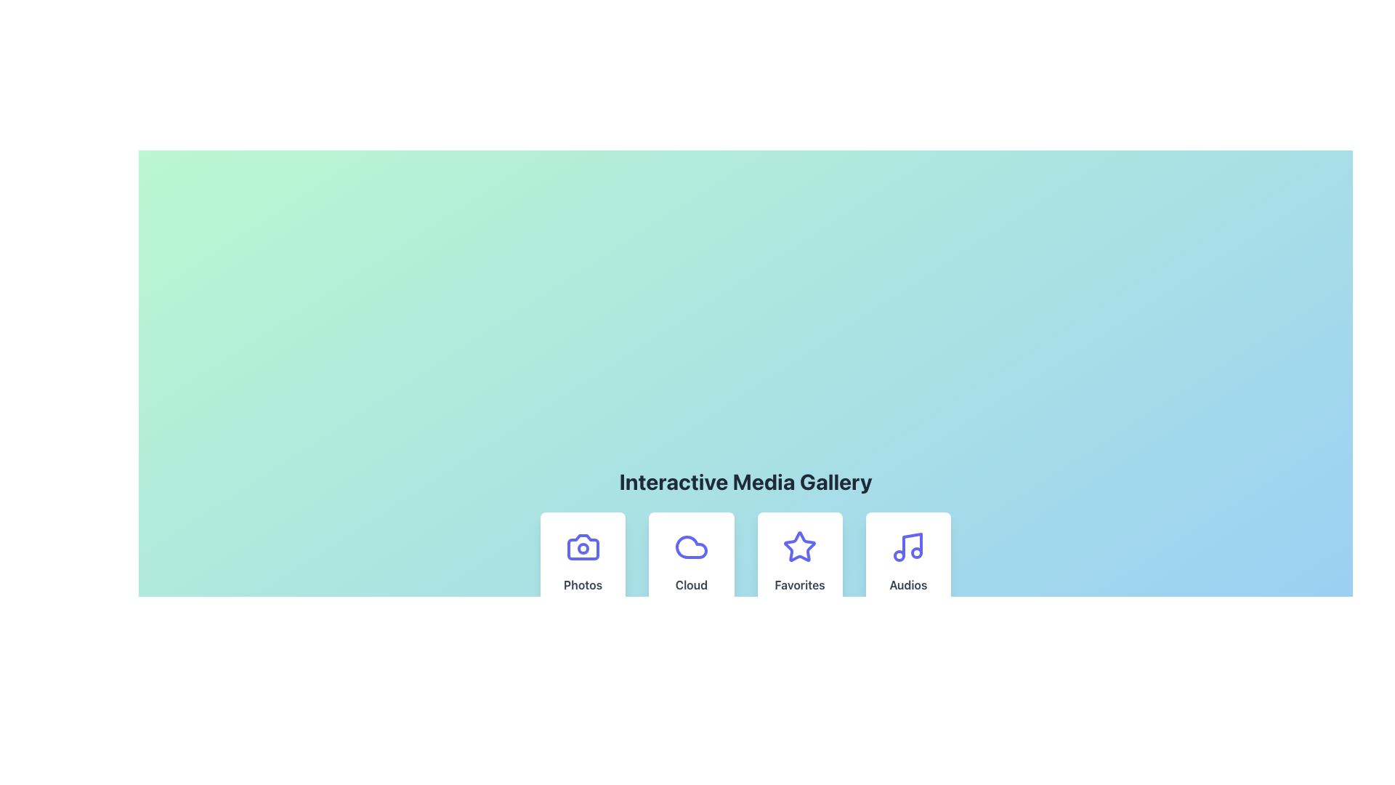  What do you see at coordinates (799, 547) in the screenshot?
I see `the blue outlined star icon that is the third icon from the left in the row of buttons beneath the title 'Interactive Media Gallery'` at bounding box center [799, 547].